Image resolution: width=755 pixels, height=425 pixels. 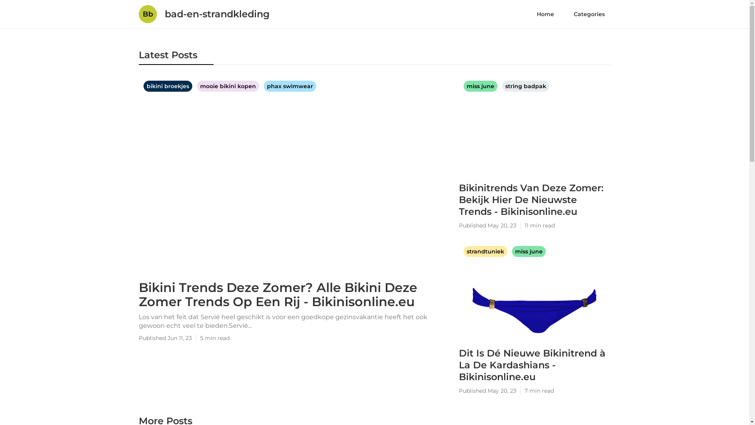 I want to click on 'Home', so click(x=545, y=14).